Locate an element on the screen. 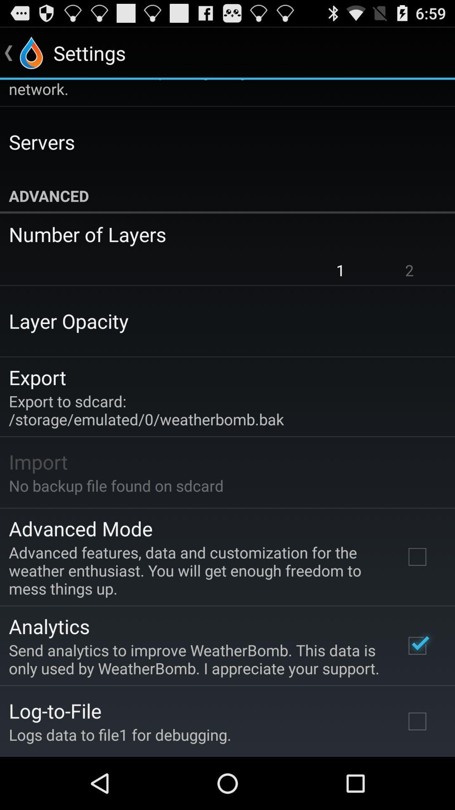 The width and height of the screenshot is (455, 810). the icon below number of layers item is located at coordinates (409, 270).